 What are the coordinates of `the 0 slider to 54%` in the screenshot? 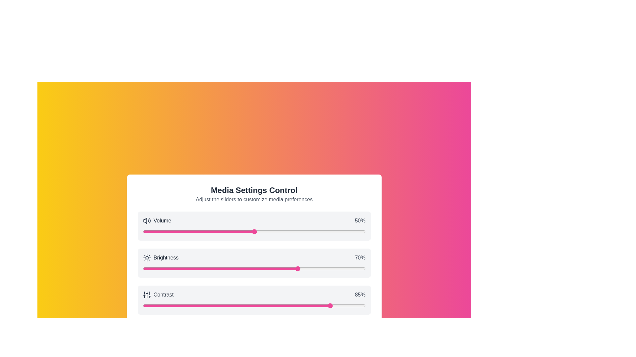 It's located at (263, 231).